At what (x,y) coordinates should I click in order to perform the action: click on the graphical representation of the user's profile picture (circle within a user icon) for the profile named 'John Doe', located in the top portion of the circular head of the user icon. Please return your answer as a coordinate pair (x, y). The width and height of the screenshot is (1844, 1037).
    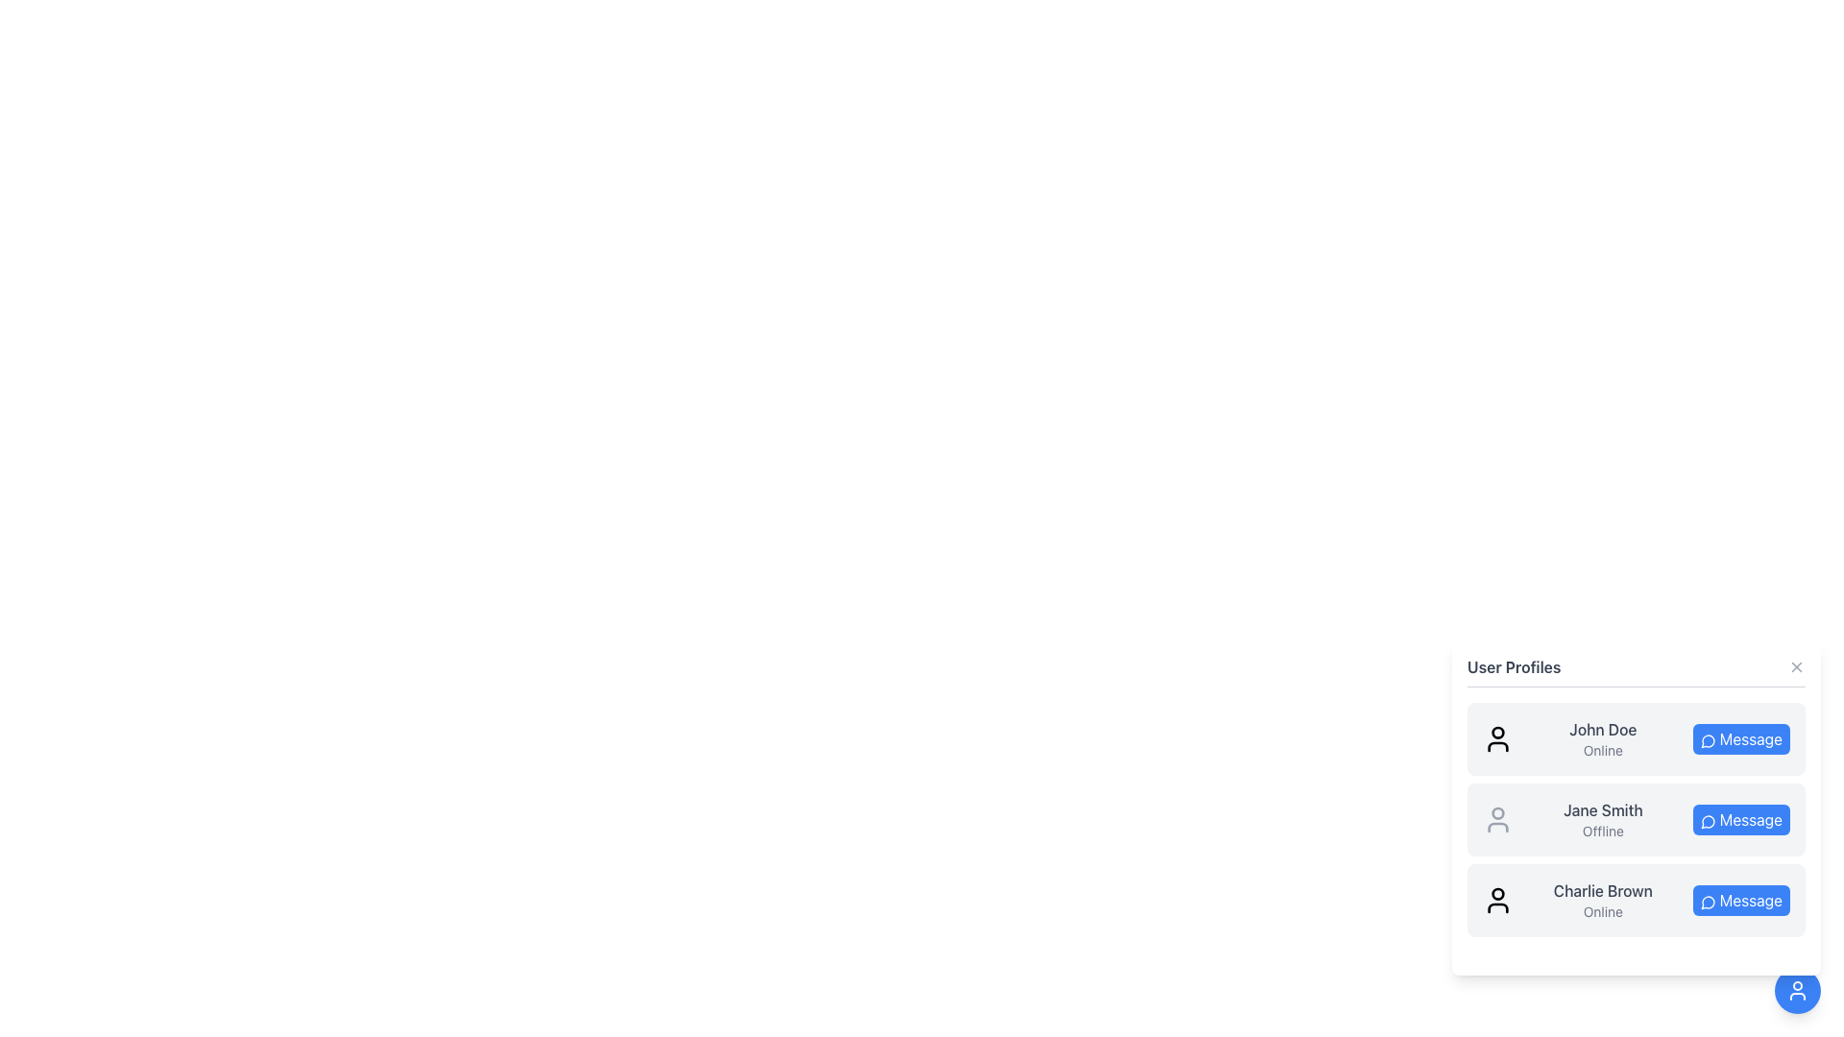
    Looking at the image, I should click on (1497, 733).